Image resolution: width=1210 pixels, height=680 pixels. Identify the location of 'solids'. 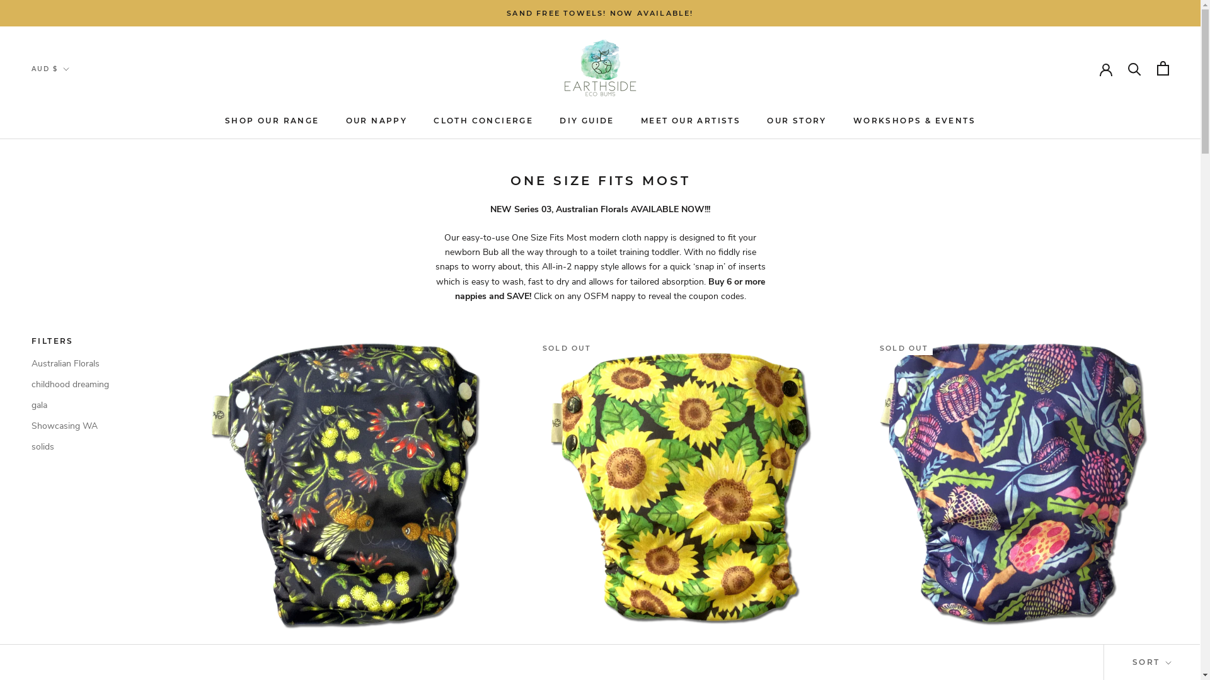
(93, 446).